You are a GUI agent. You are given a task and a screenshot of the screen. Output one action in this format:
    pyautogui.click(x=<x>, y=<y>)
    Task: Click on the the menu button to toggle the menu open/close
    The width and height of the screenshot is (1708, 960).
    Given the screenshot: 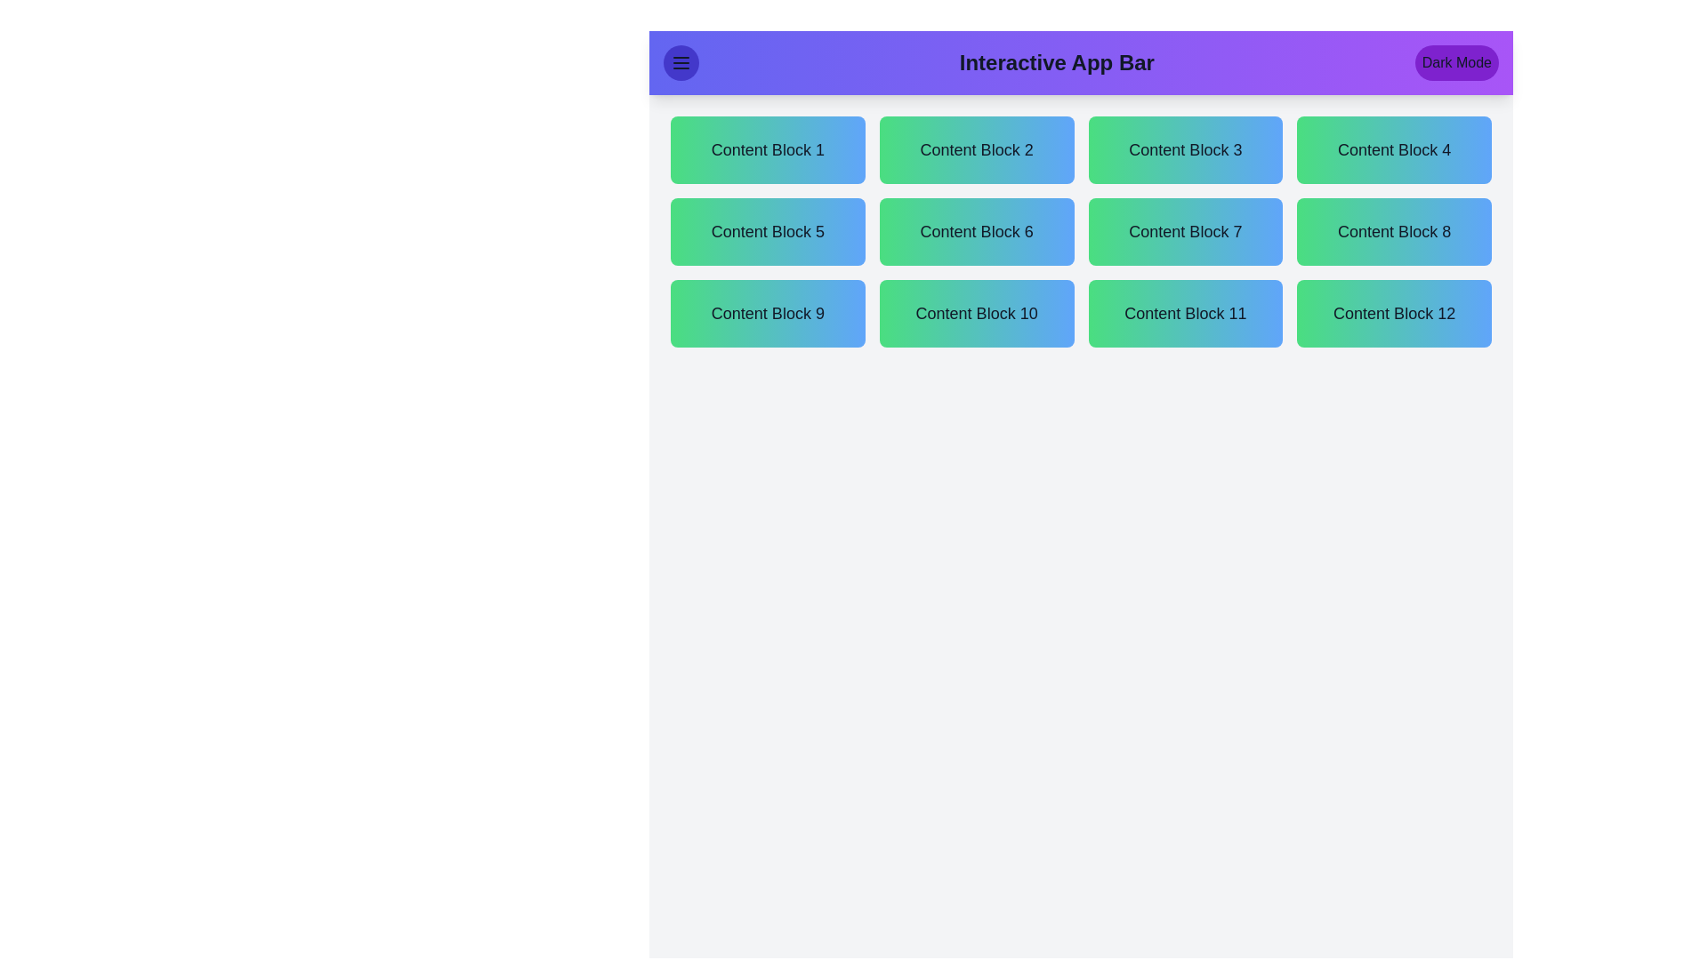 What is the action you would take?
    pyautogui.click(x=681, y=61)
    